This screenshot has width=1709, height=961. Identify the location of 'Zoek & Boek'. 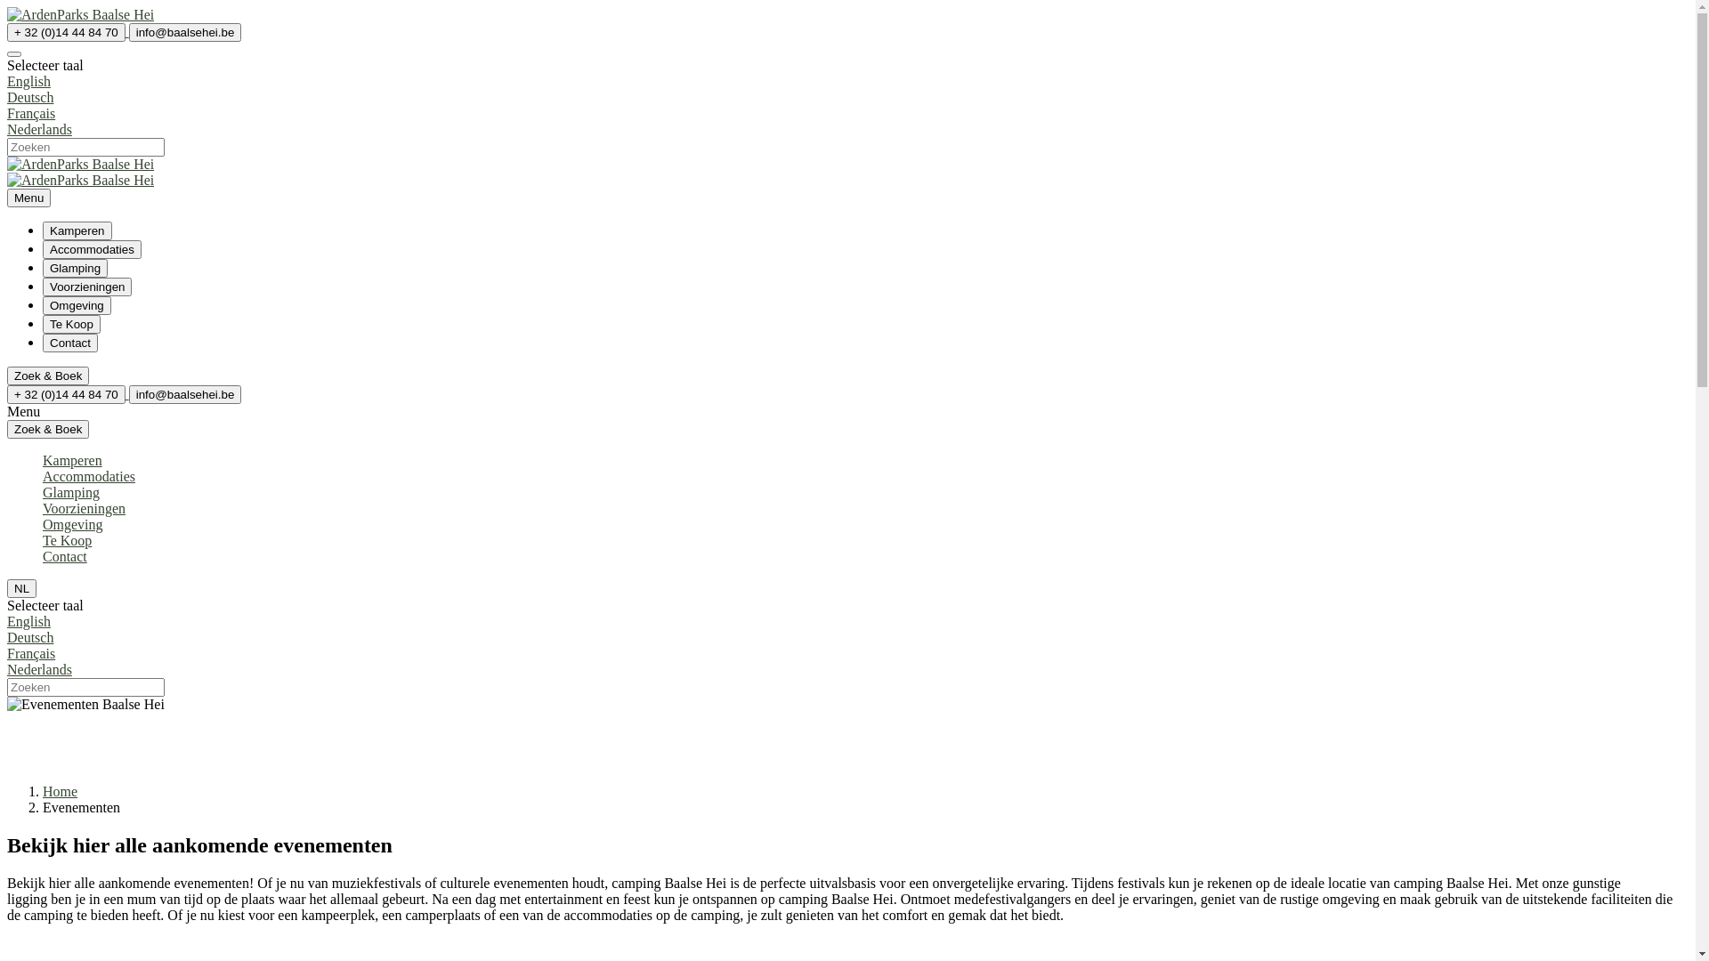
(47, 428).